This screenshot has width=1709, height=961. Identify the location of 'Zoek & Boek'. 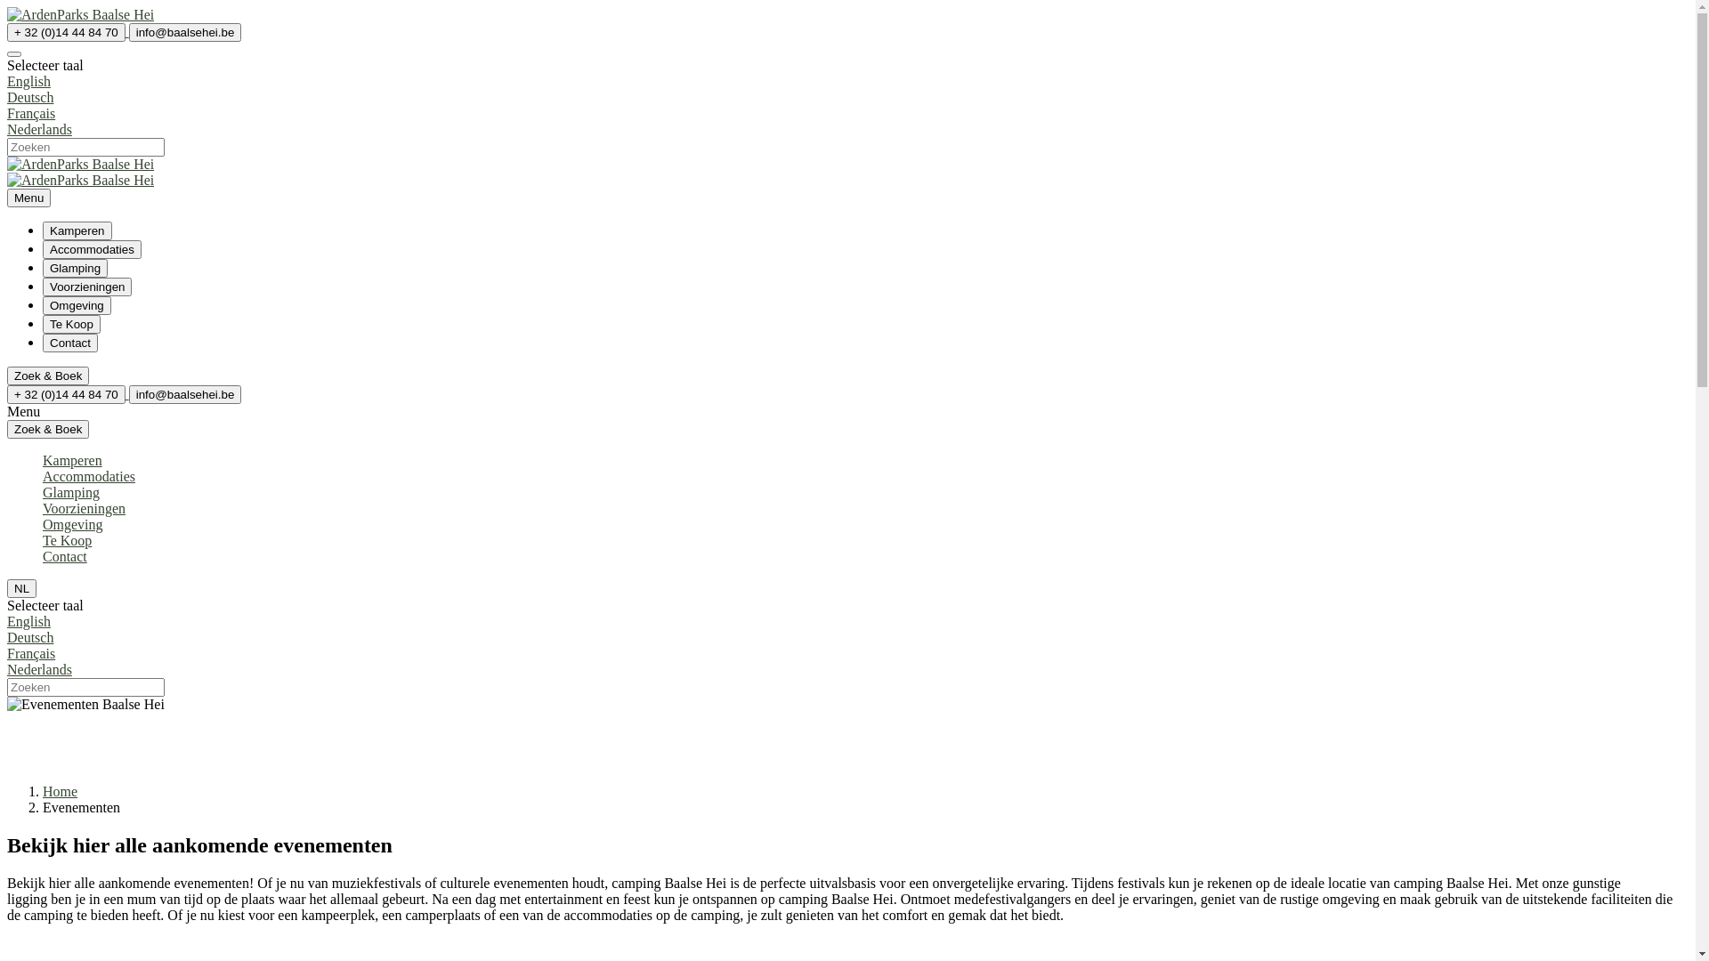
(47, 428).